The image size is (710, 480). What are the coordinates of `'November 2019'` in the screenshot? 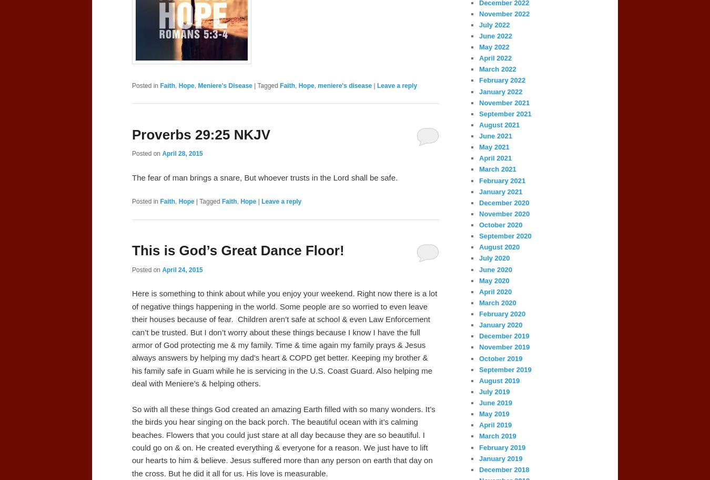 It's located at (478, 346).